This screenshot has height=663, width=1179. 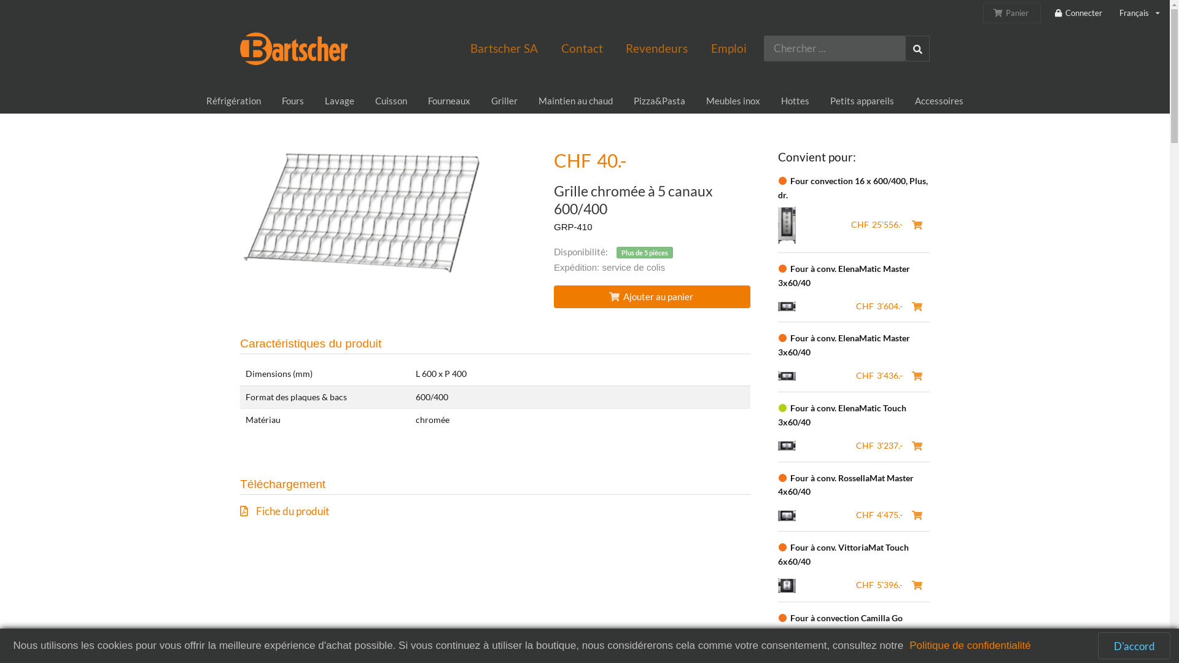 I want to click on 'Cuisson', so click(x=391, y=101).